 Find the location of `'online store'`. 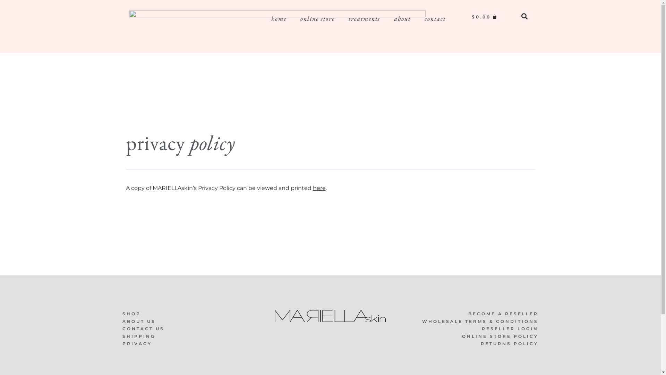

'online store' is located at coordinates (293, 18).